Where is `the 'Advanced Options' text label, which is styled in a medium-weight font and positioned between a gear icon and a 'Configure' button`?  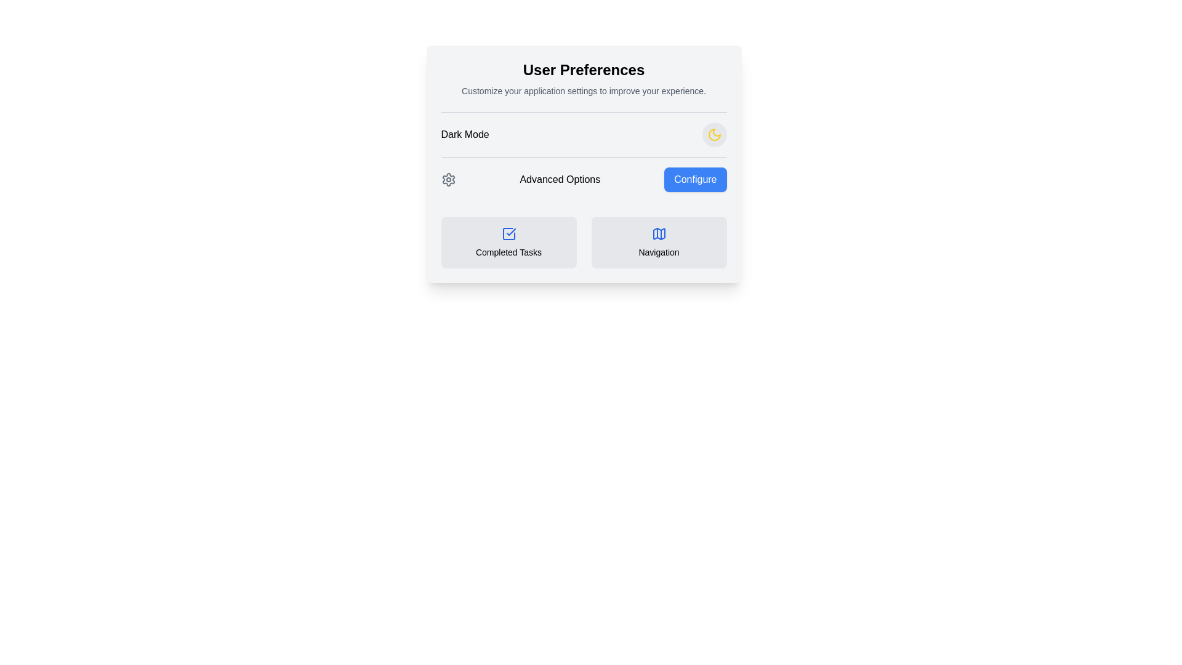 the 'Advanced Options' text label, which is styled in a medium-weight font and positioned between a gear icon and a 'Configure' button is located at coordinates (559, 180).